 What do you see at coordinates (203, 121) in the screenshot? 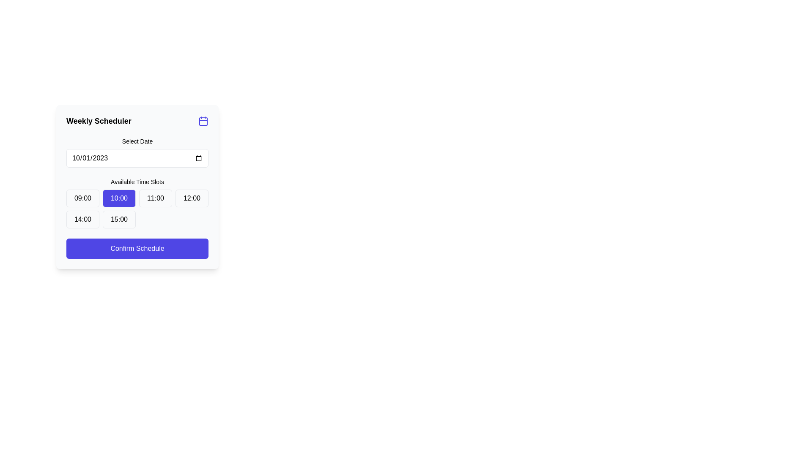
I see `the calendar icon located to the far right of the header area containing the title 'Weekly Scheduler'` at bounding box center [203, 121].